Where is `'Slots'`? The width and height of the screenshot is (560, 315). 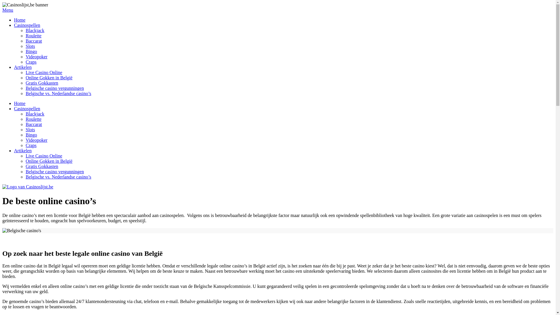
'Slots' is located at coordinates (30, 46).